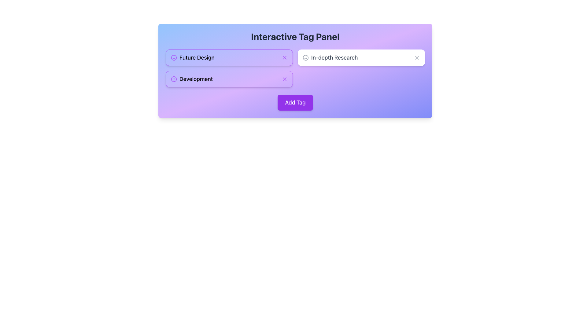 This screenshot has height=330, width=587. Describe the element at coordinates (174, 79) in the screenshot. I see `the Decorative Icon, which is a circular icon with a purple outline and a smile-like graphic located to the left of the 'Development' text` at that location.